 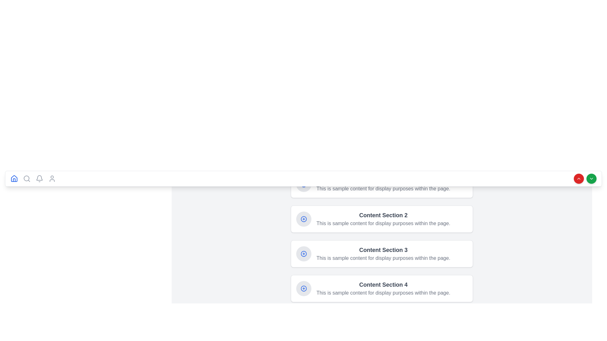 What do you see at coordinates (26, 178) in the screenshot?
I see `the lens of the magnifying glass in the search icon located in the navigation bar towards the left` at bounding box center [26, 178].